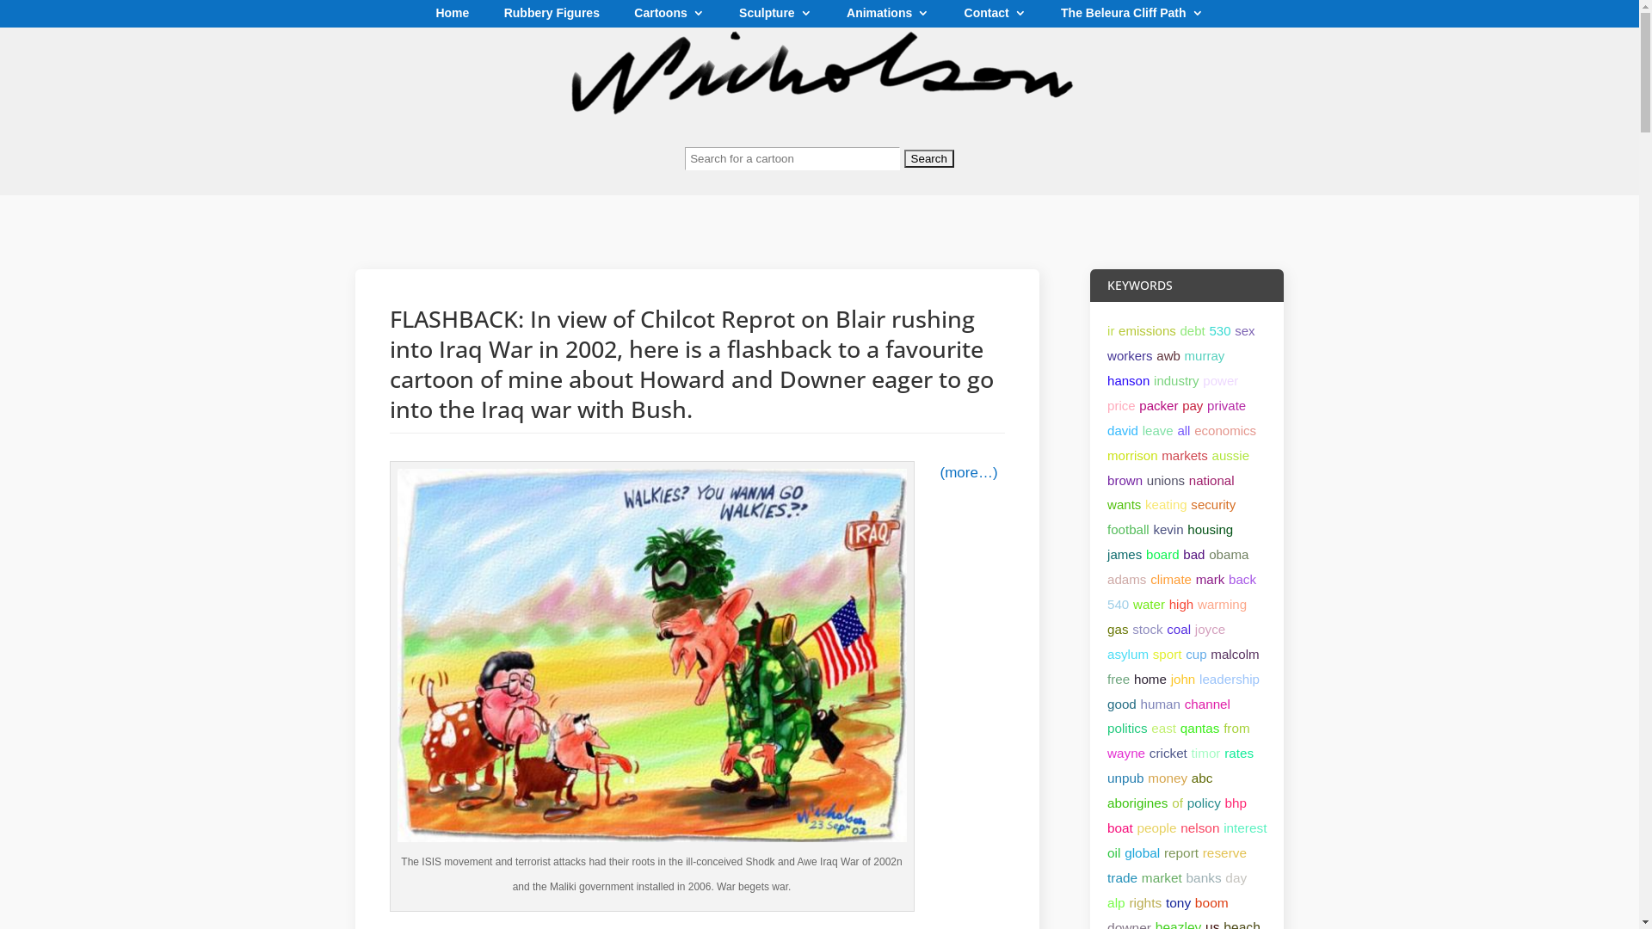 The width and height of the screenshot is (1652, 929). I want to click on 'workers', so click(1130, 354).